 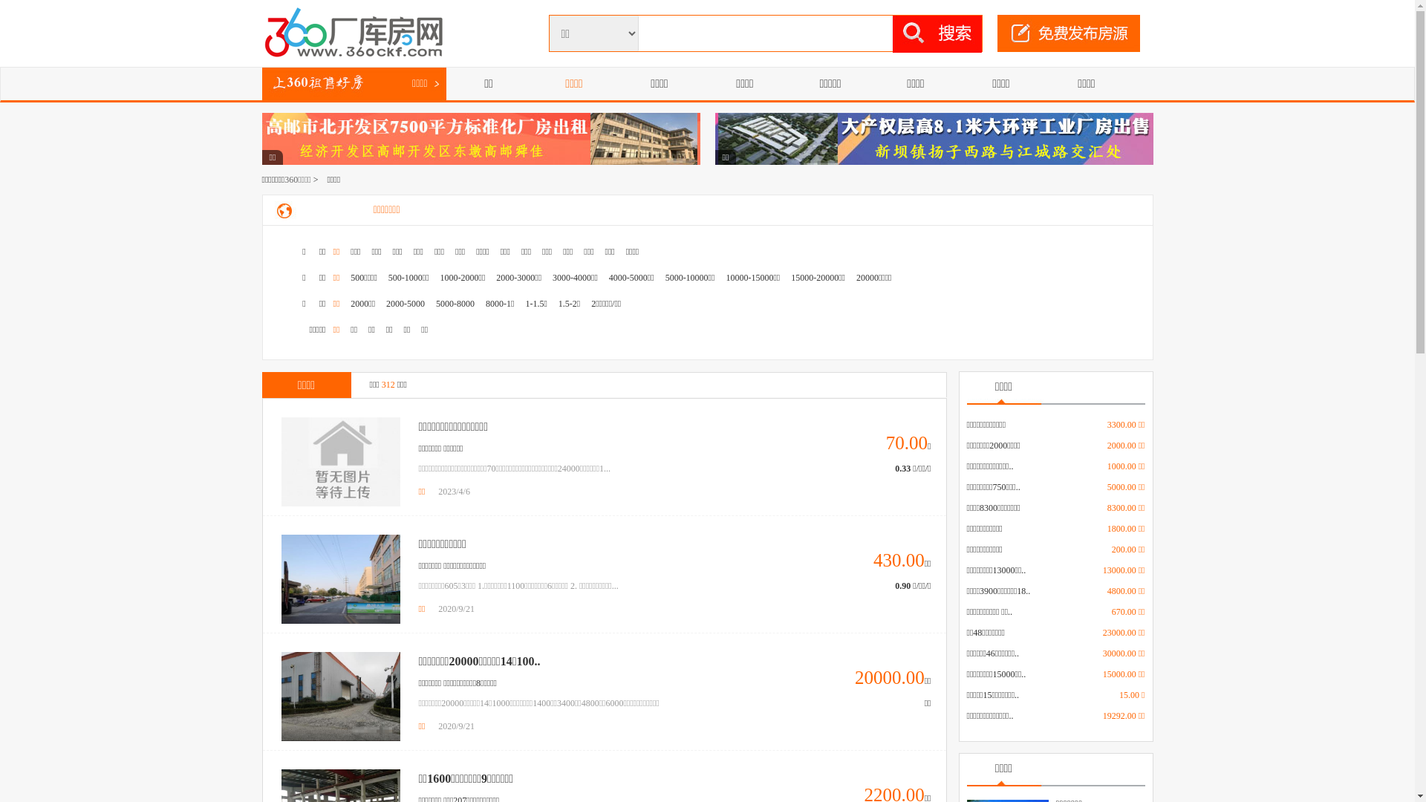 What do you see at coordinates (406, 302) in the screenshot?
I see `'2000-5000'` at bounding box center [406, 302].